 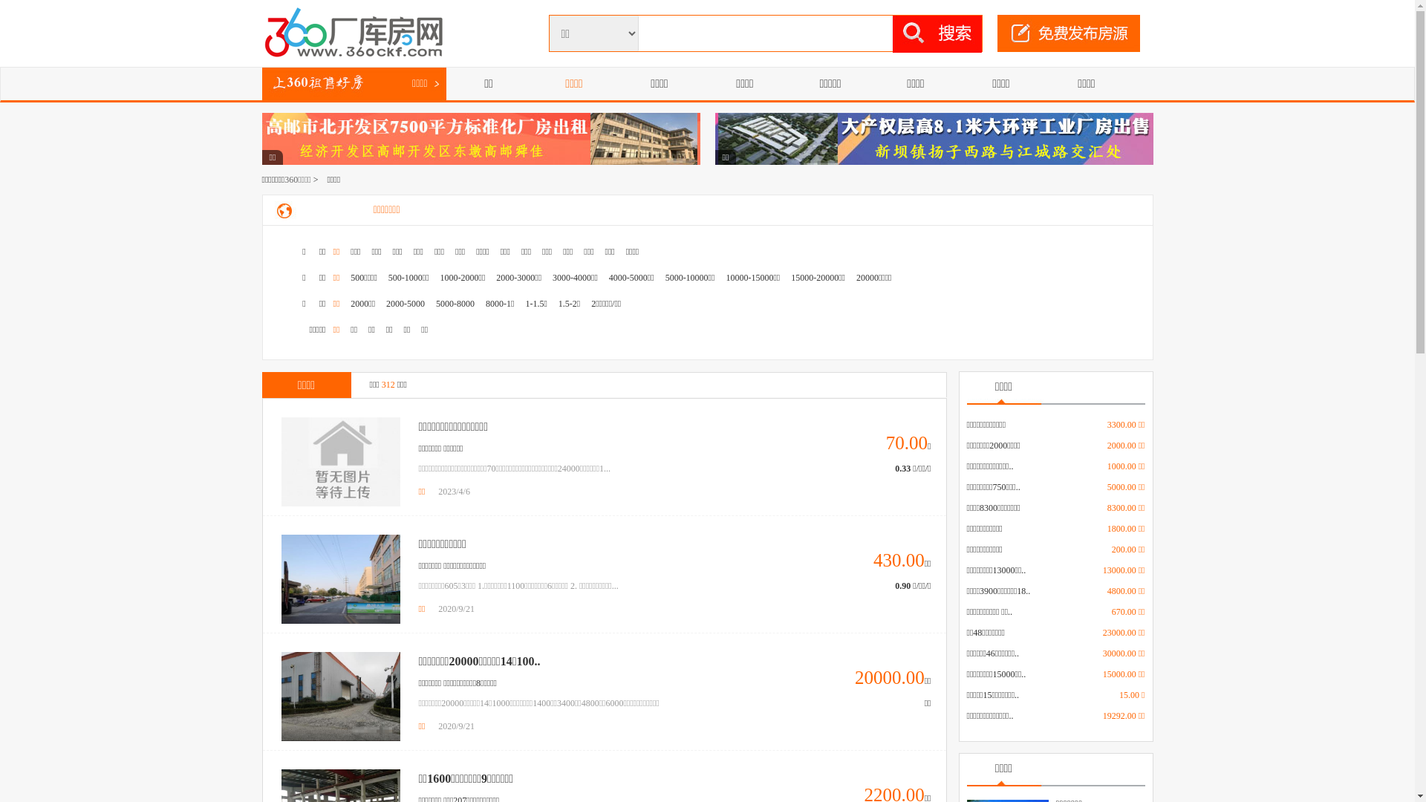 What do you see at coordinates (406, 302) in the screenshot?
I see `'2000-5000'` at bounding box center [406, 302].